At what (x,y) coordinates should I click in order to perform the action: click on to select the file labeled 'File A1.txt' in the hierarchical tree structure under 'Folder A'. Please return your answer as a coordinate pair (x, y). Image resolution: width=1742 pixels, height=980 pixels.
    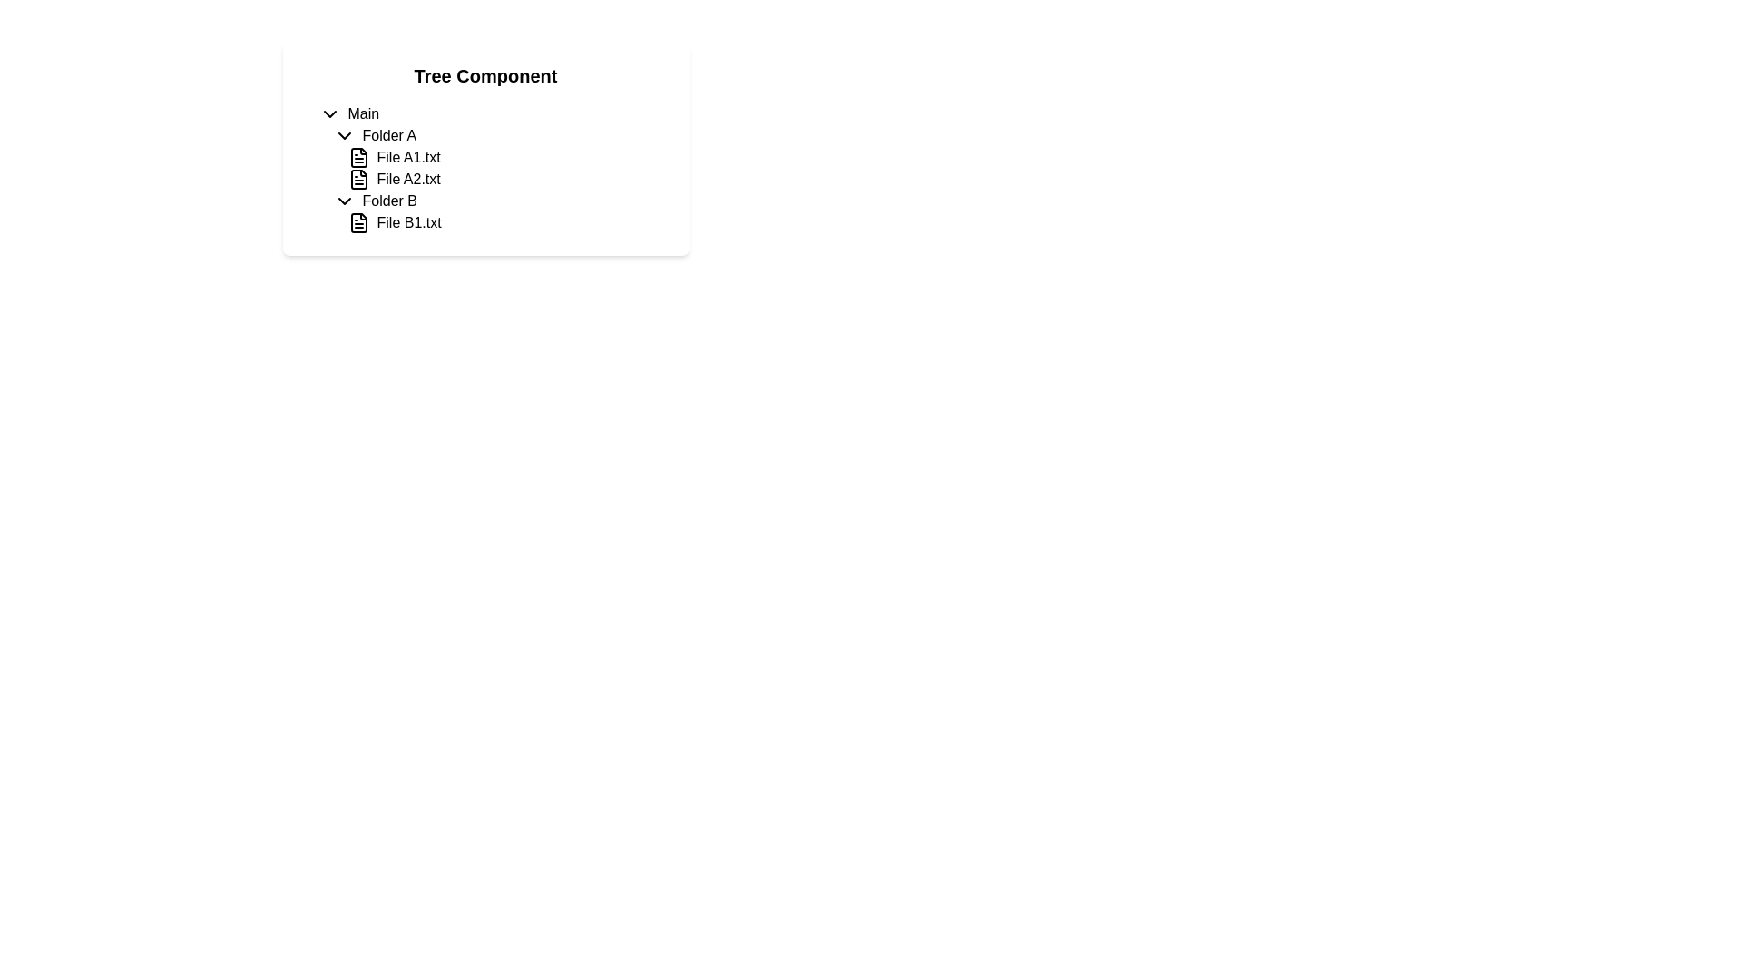
    Looking at the image, I should click on (500, 156).